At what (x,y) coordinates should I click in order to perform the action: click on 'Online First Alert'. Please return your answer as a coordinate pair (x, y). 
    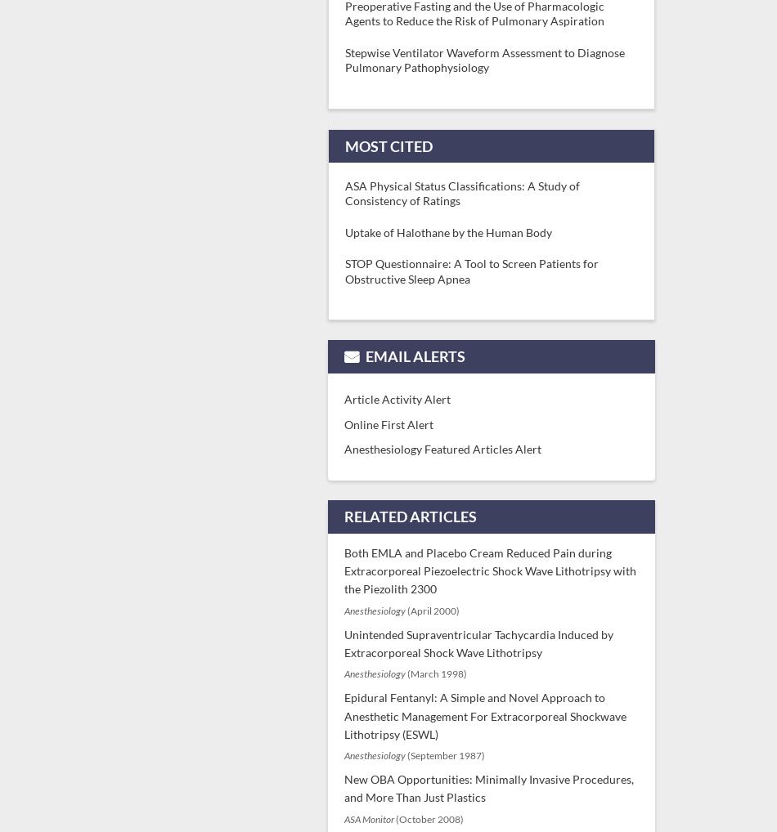
    Looking at the image, I should click on (388, 423).